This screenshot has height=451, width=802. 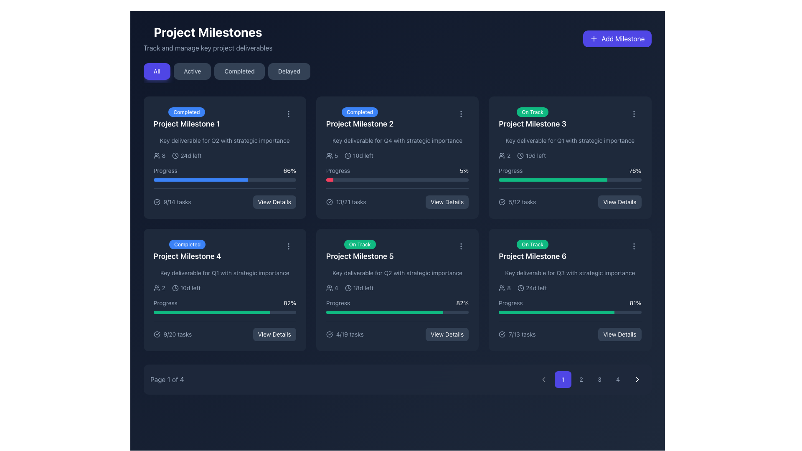 I want to click on the icon that indicates the number of users associated with the milestone, located to the left of the number '2' in the 'Project Milestone 3' card at the top-left area of the interface, so click(x=502, y=156).